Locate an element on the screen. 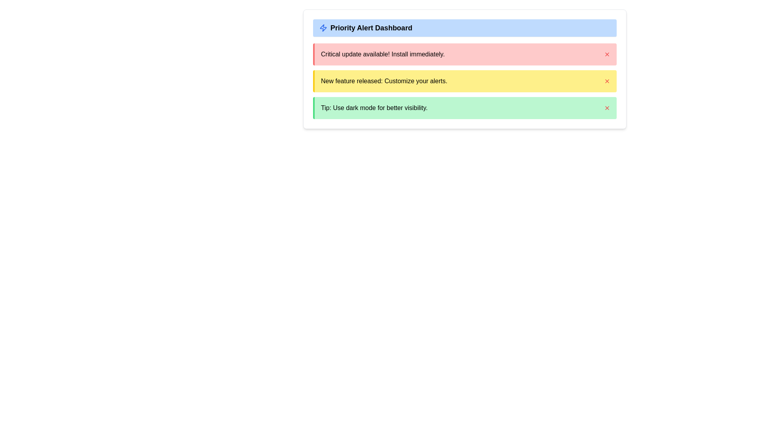 The image size is (758, 426). the close button of the alert with message 'Tip: Use dark mode for better visibility.' is located at coordinates (606, 108).